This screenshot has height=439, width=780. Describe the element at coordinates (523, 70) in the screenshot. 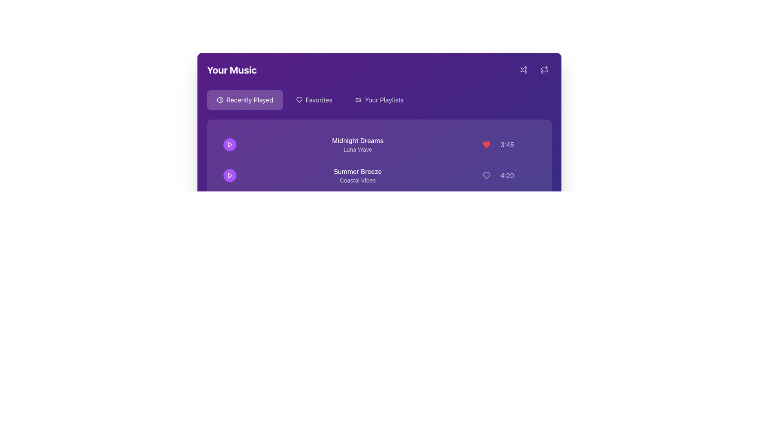

I see `the 'shuffle' icon button located in the top right corner of the interface` at that location.